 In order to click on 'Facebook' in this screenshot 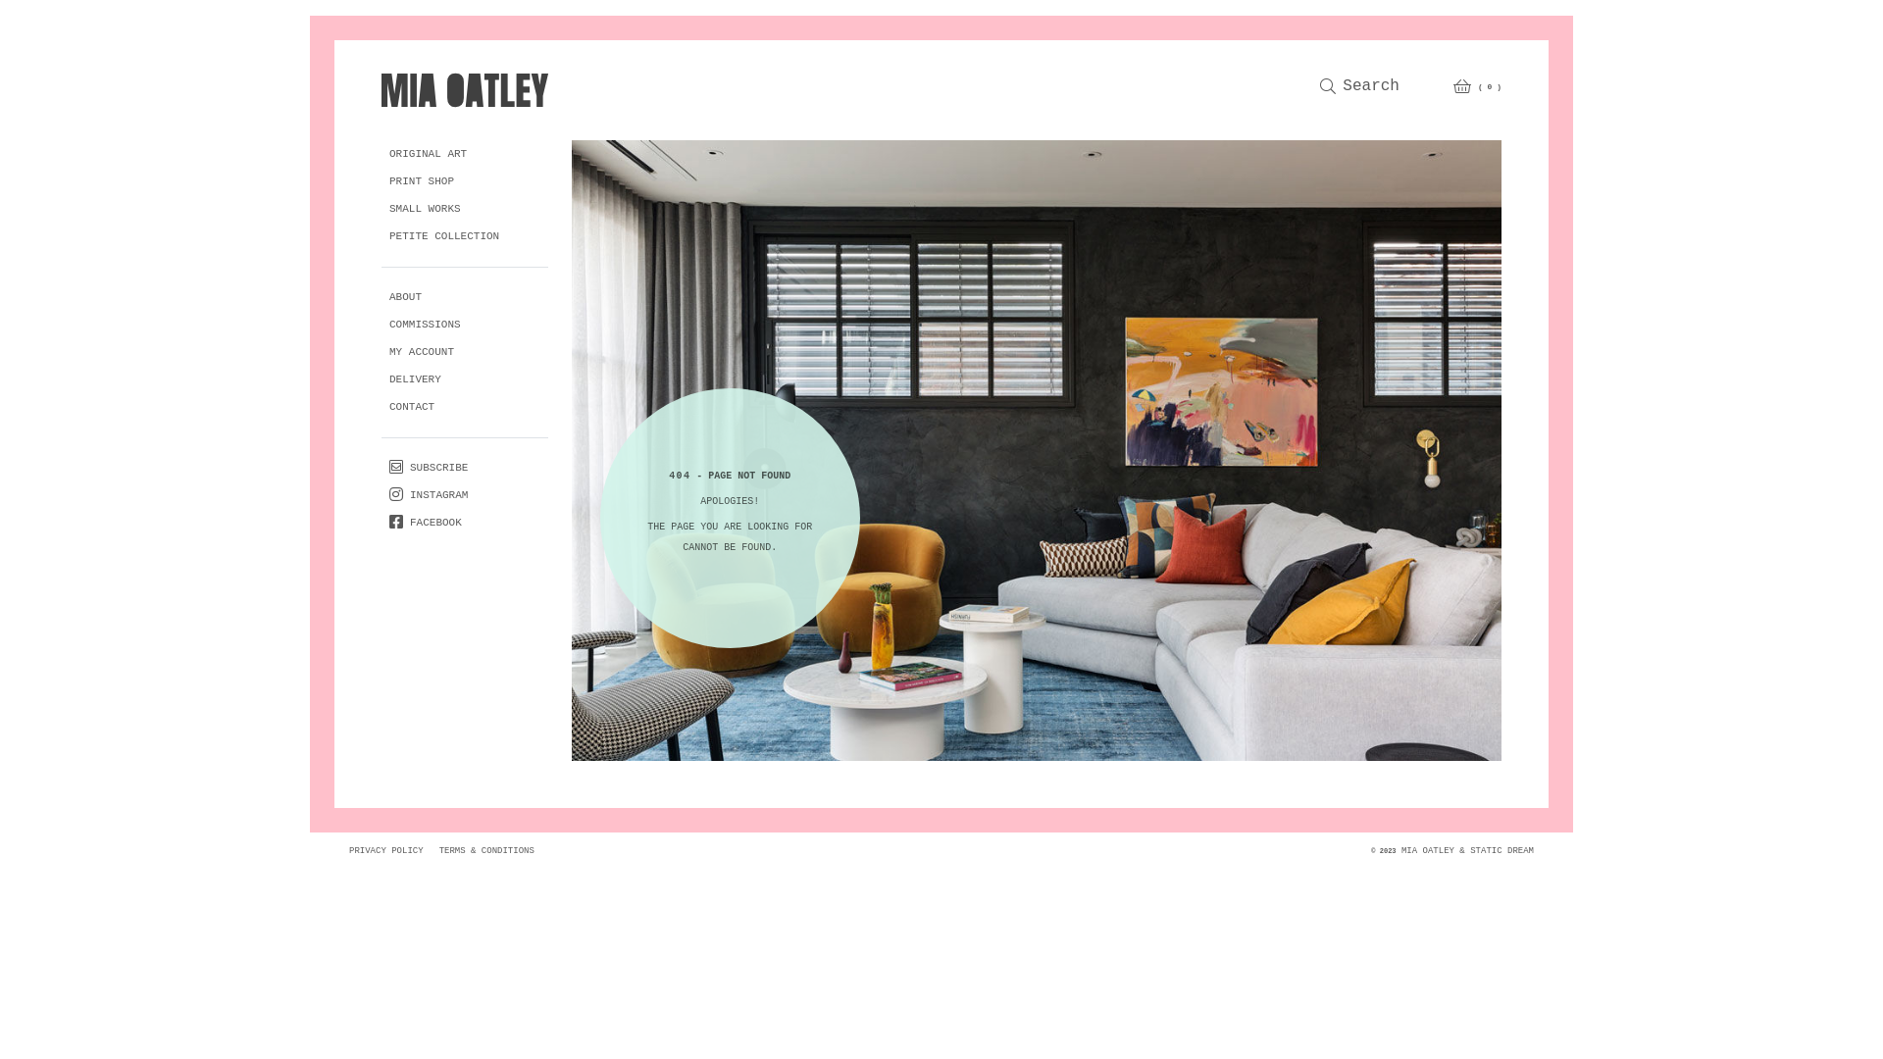, I will do `click(381, 522)`.